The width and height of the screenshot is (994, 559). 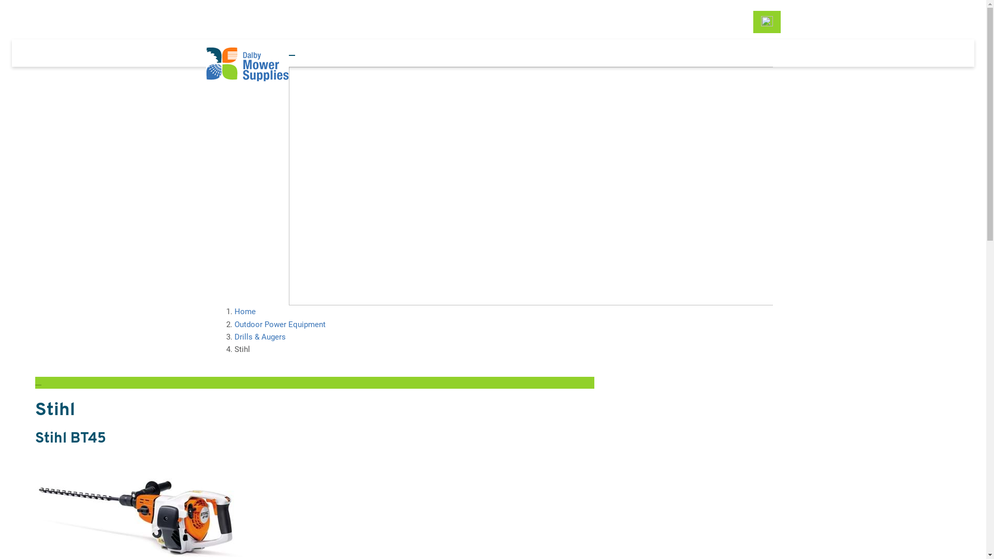 I want to click on 'Home', so click(x=244, y=311).